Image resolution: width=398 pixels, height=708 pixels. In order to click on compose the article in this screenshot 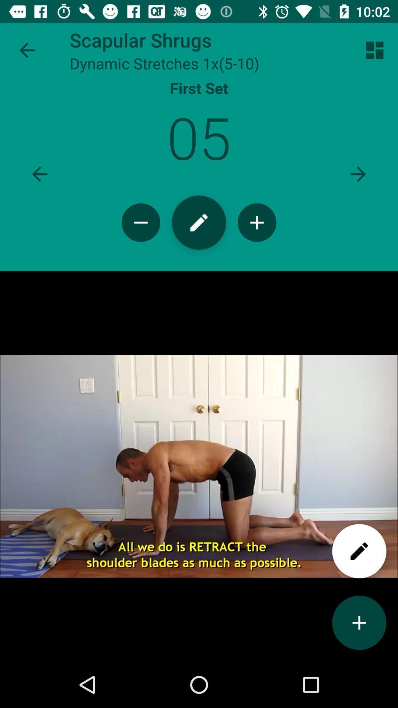, I will do `click(199, 222)`.